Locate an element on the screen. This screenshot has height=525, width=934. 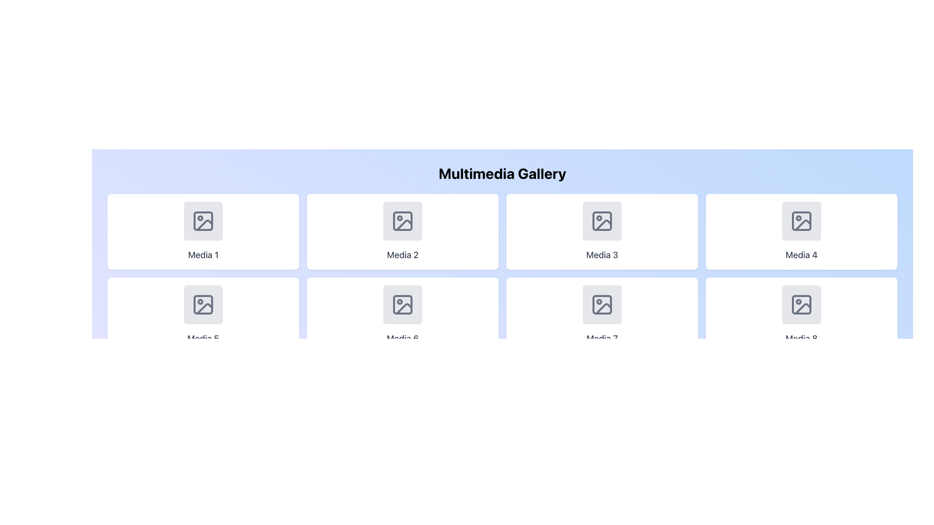
the icon in the sixth tile of the 'Multimedia Gallery' is located at coordinates (403, 304).